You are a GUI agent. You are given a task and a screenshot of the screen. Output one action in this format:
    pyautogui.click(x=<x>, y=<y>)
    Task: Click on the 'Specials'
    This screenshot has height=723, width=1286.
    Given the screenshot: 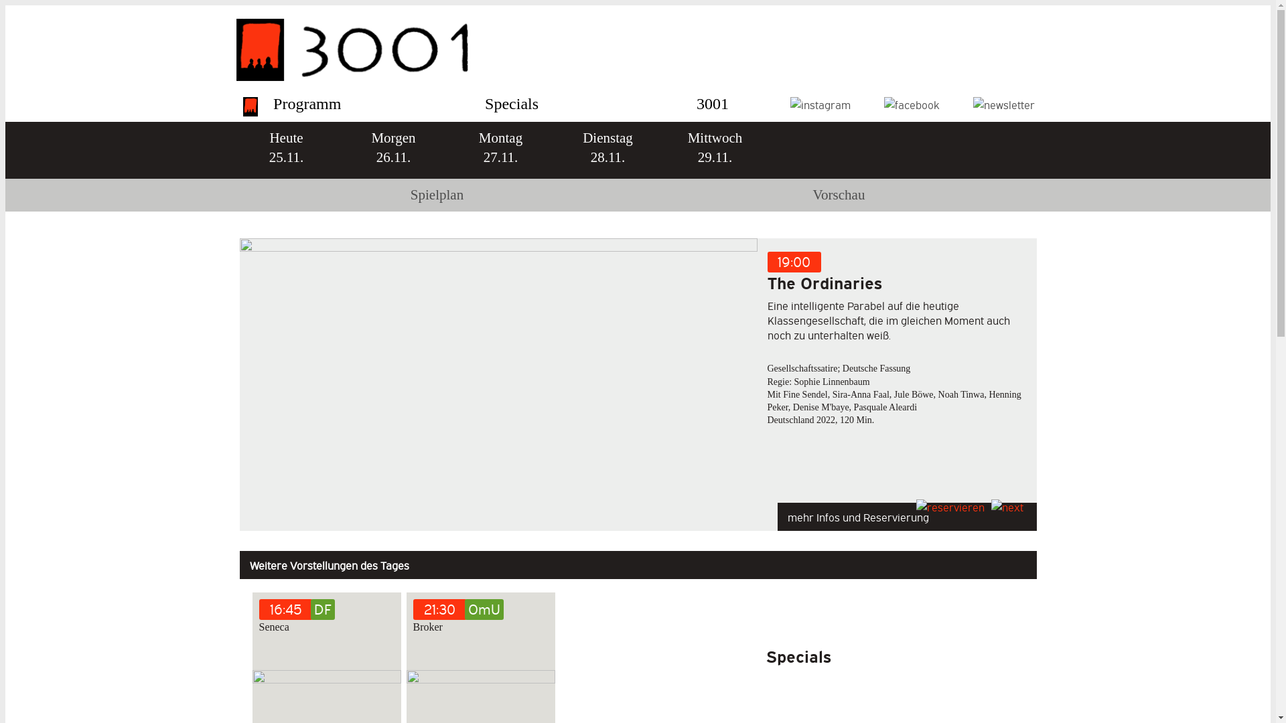 What is the action you would take?
    pyautogui.click(x=484, y=102)
    